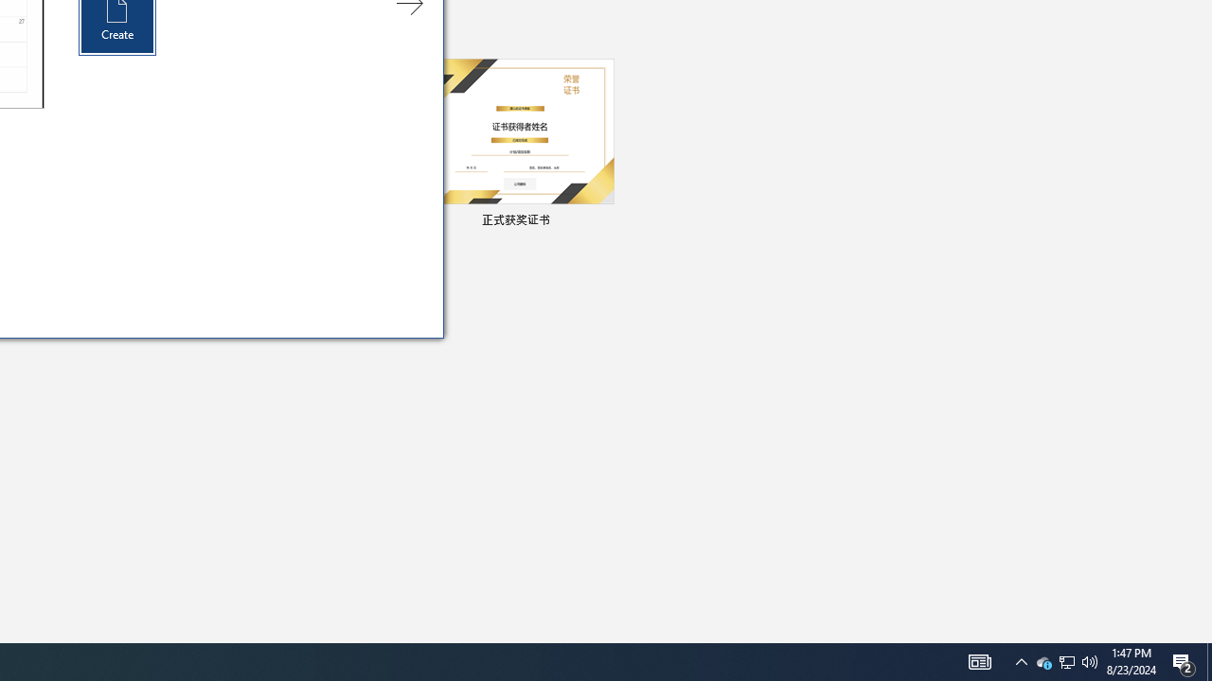 This screenshot has width=1212, height=681. I want to click on 'Action Center, 2 new notifications', so click(1184, 660).